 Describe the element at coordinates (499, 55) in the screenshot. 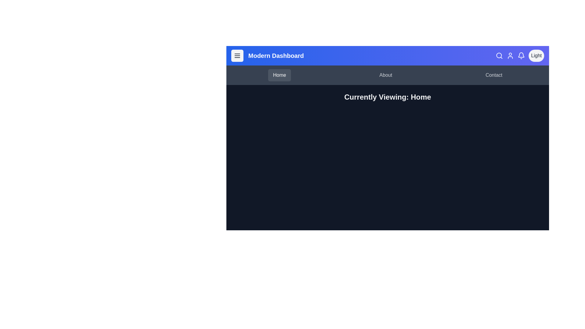

I see `search icon to initiate a search` at that location.